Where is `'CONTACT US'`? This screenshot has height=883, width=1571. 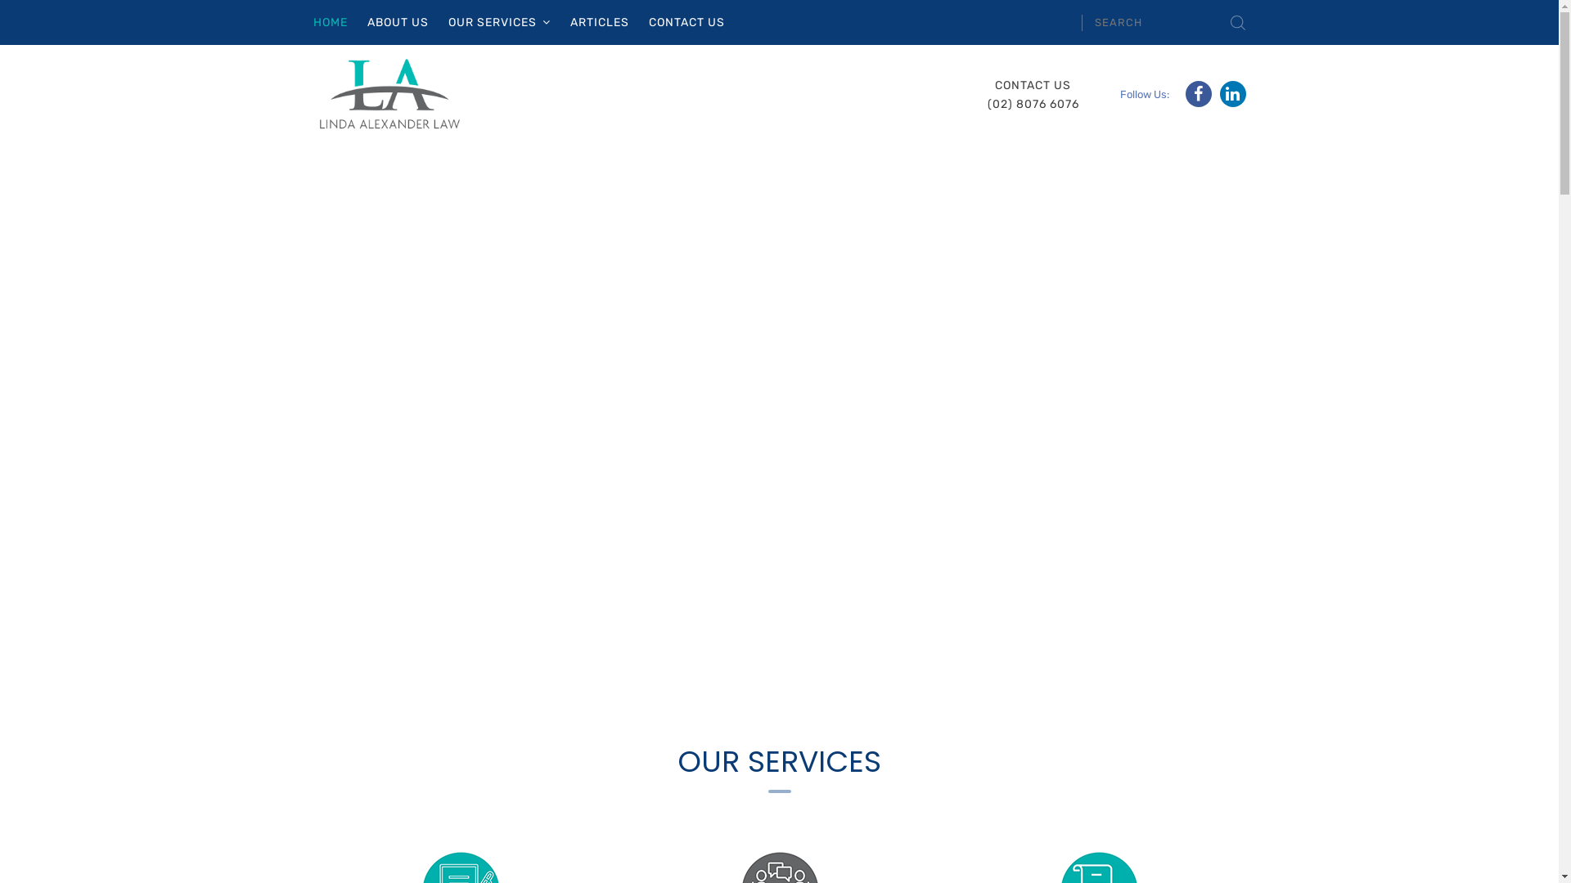 'CONTACT US' is located at coordinates (686, 22).